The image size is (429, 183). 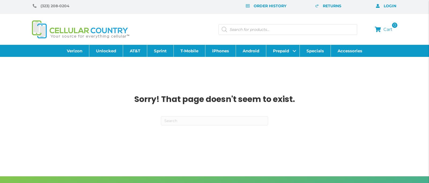 What do you see at coordinates (388, 29) in the screenshot?
I see `'Cart'` at bounding box center [388, 29].